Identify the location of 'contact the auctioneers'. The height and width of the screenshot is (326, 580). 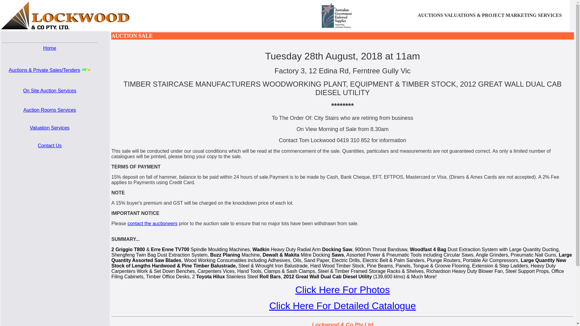
(152, 223).